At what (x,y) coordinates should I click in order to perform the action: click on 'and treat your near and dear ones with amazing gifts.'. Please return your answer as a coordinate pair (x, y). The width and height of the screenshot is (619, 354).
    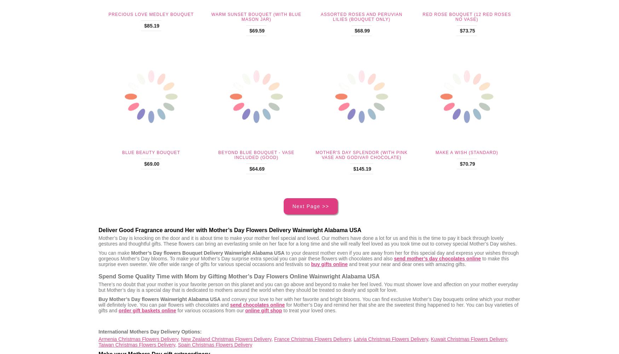
    Looking at the image, I should click on (406, 264).